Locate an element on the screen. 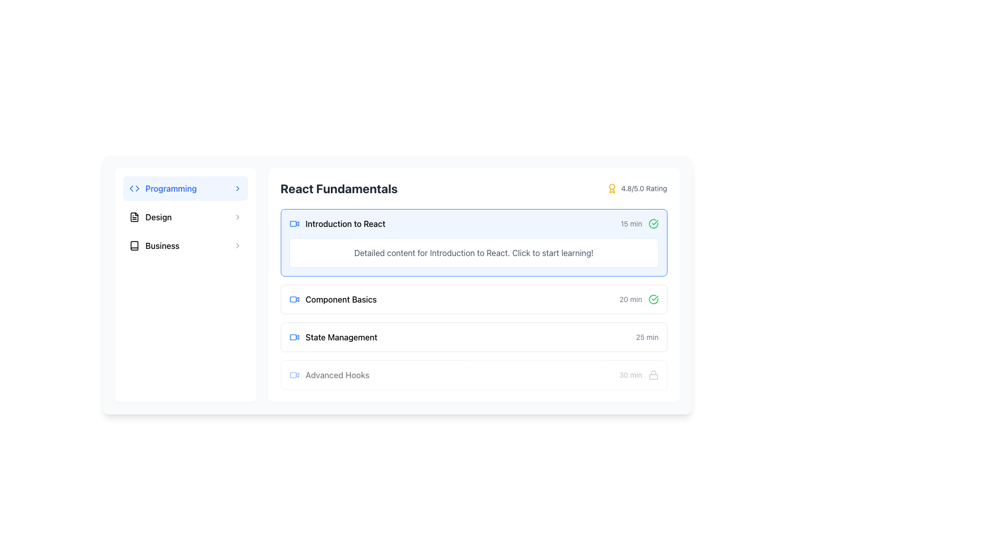 The height and width of the screenshot is (552, 982). the decorative SVG Shape that is part of the 'video' icon located beside 'State Management' is located at coordinates (292, 337).